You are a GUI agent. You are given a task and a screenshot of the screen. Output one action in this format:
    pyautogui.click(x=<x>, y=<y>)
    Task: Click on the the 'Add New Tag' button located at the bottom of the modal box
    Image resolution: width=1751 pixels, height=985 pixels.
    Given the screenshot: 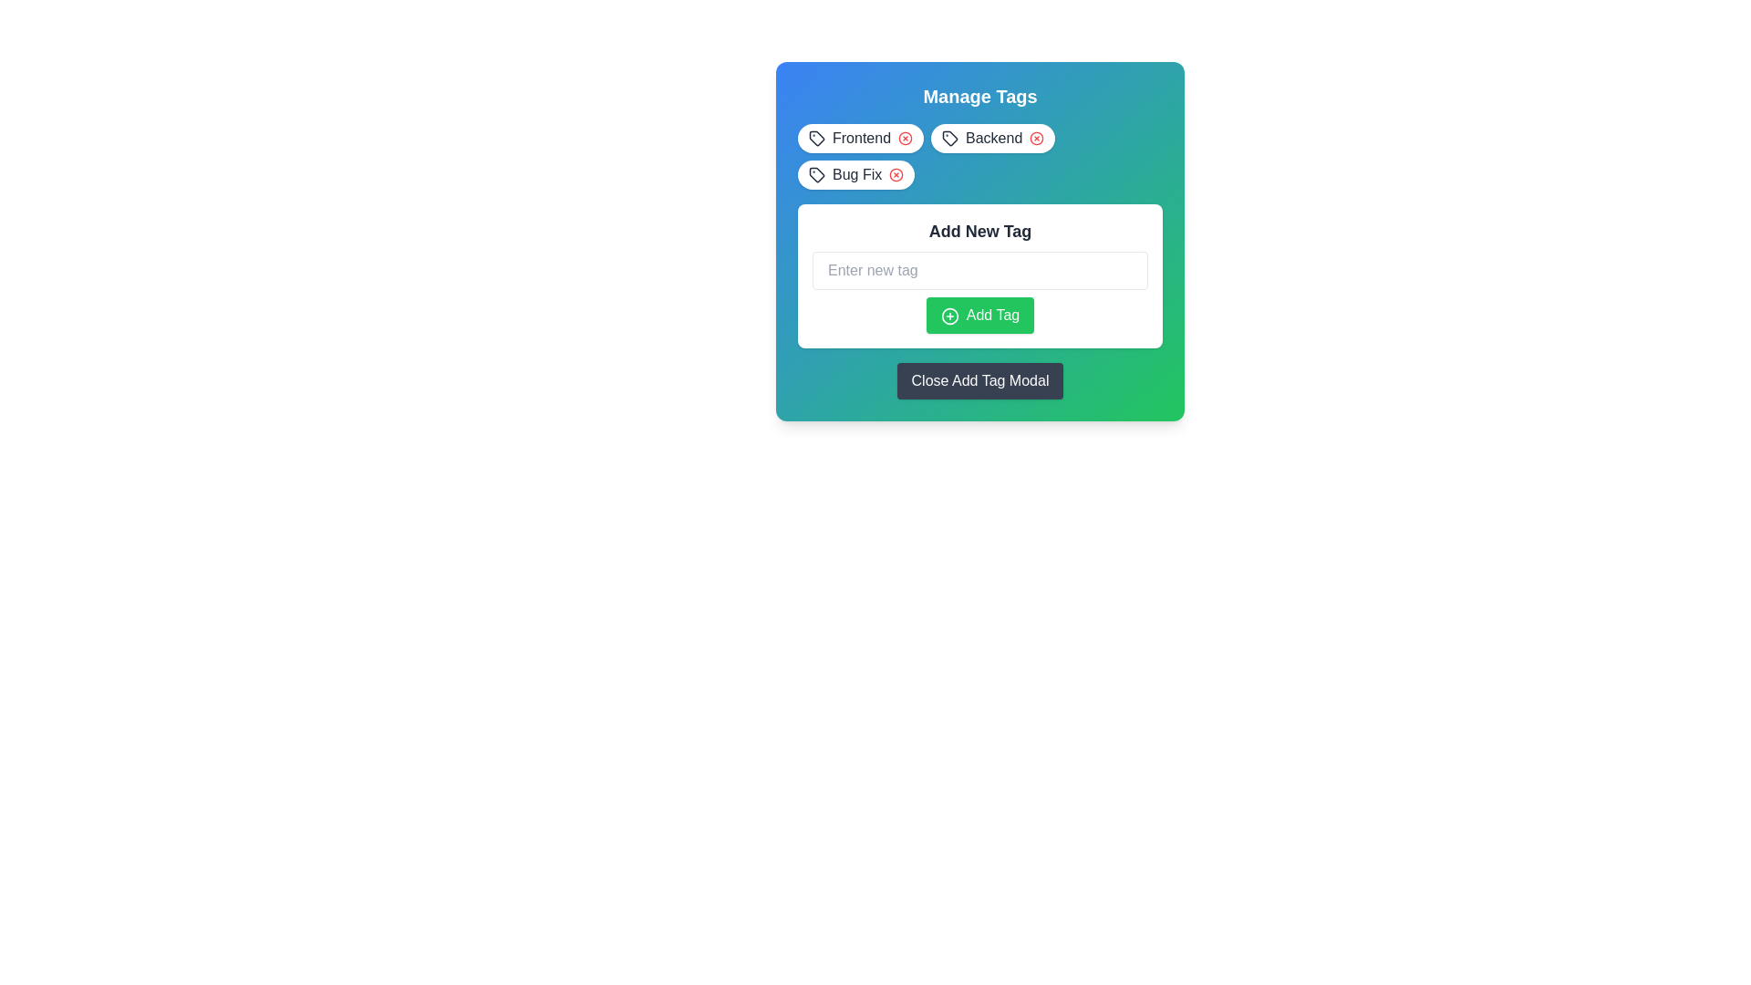 What is the action you would take?
    pyautogui.click(x=979, y=315)
    